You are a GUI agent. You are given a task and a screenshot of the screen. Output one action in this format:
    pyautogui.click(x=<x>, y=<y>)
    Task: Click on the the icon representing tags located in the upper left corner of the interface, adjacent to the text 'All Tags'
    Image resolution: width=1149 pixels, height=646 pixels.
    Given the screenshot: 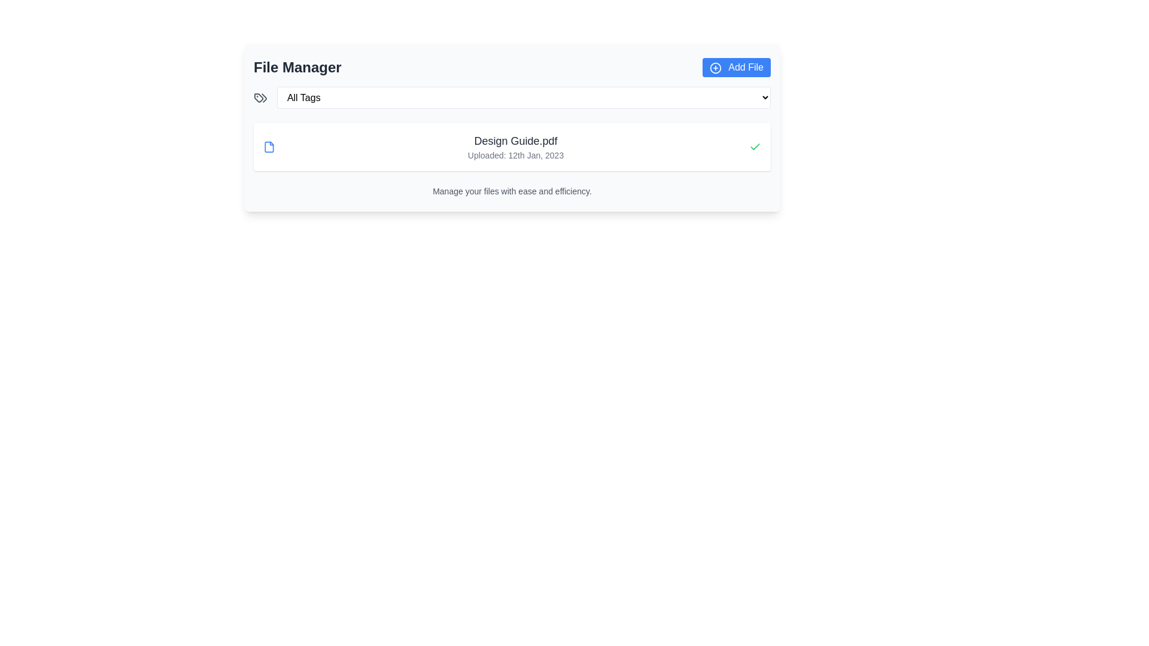 What is the action you would take?
    pyautogui.click(x=260, y=97)
    